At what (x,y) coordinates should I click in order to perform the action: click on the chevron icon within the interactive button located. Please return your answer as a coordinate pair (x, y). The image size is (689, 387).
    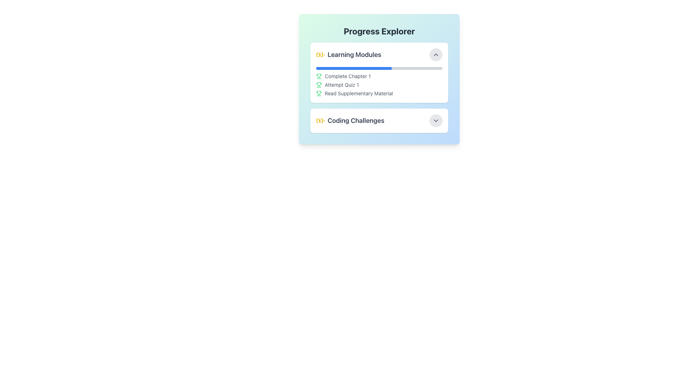
    Looking at the image, I should click on (435, 120).